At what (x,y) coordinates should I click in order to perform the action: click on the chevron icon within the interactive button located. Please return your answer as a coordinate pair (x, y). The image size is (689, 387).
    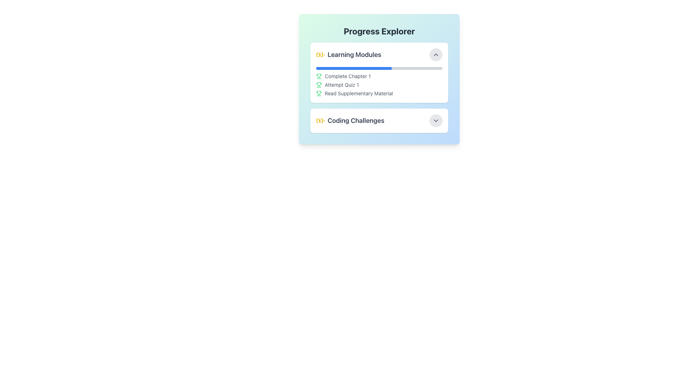
    Looking at the image, I should click on (435, 120).